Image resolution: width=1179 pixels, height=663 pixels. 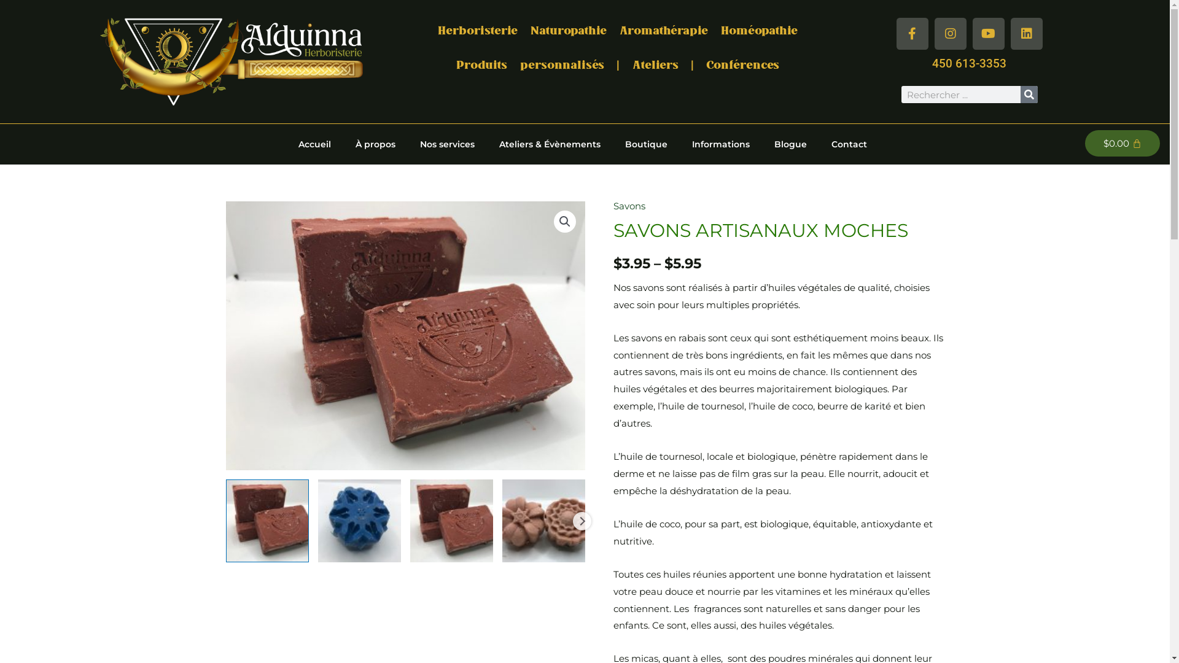 I want to click on 'Informations', so click(x=679, y=144).